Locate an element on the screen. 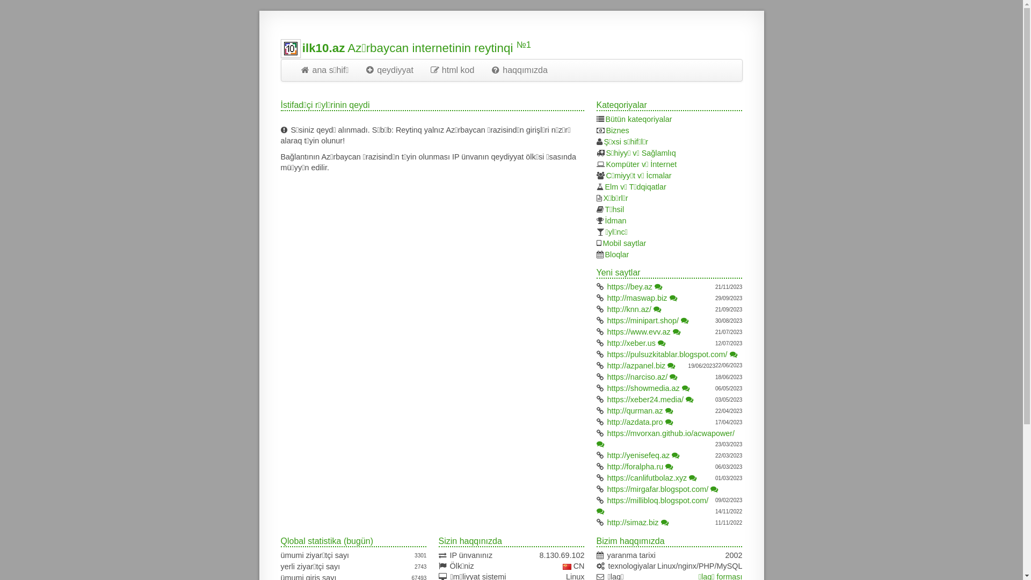 Image resolution: width=1031 pixels, height=580 pixels. 'https://bey.az' is located at coordinates (607, 286).